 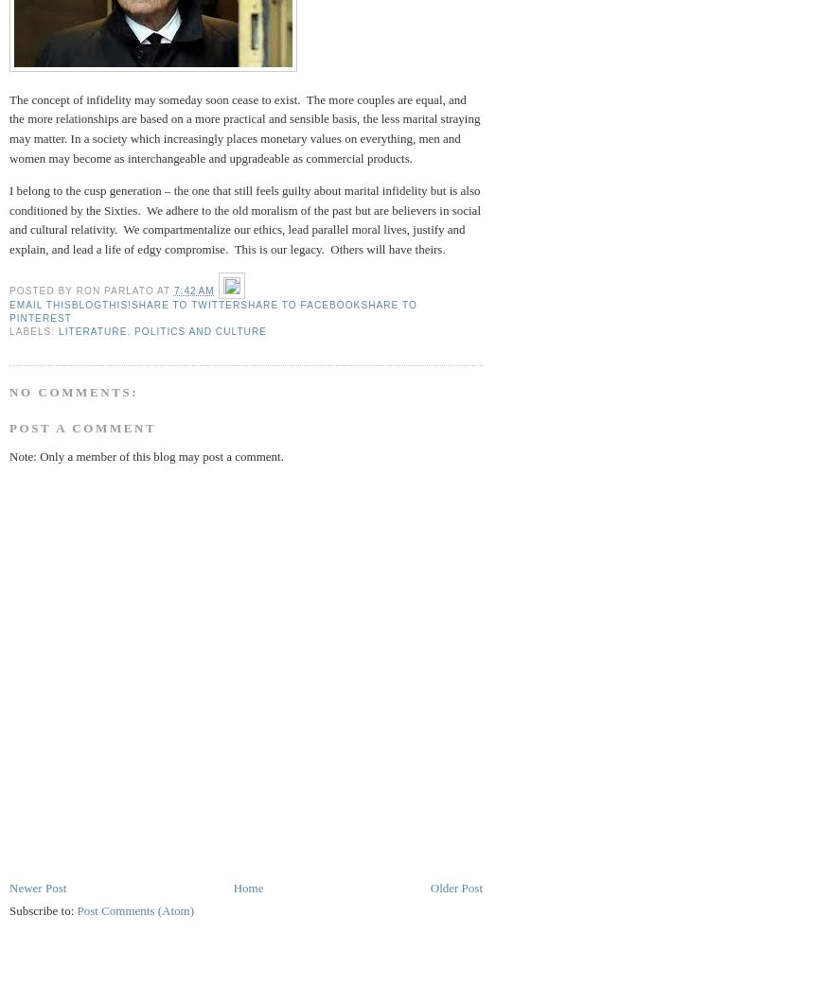 I want to click on 'Posted by', so click(x=9, y=291).